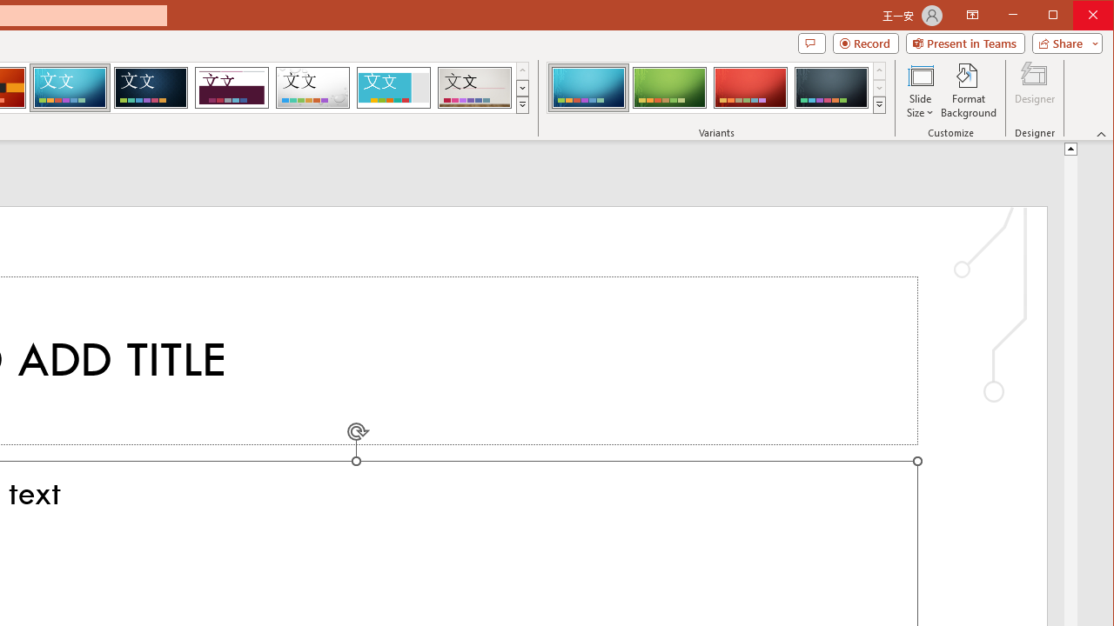  Describe the element at coordinates (231, 87) in the screenshot. I see `'Dividend'` at that location.